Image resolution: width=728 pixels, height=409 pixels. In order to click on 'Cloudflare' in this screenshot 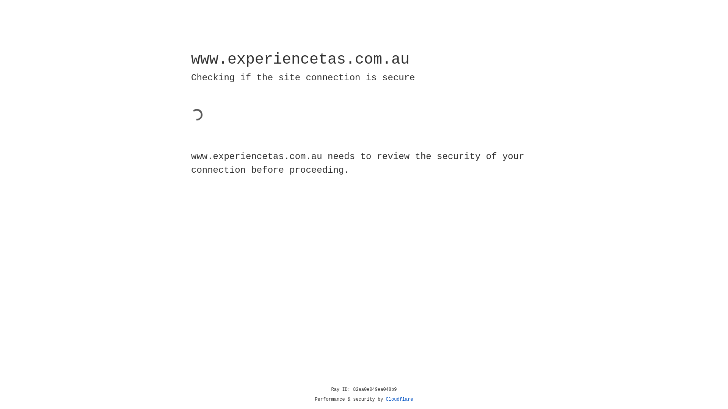, I will do `click(386, 399)`.